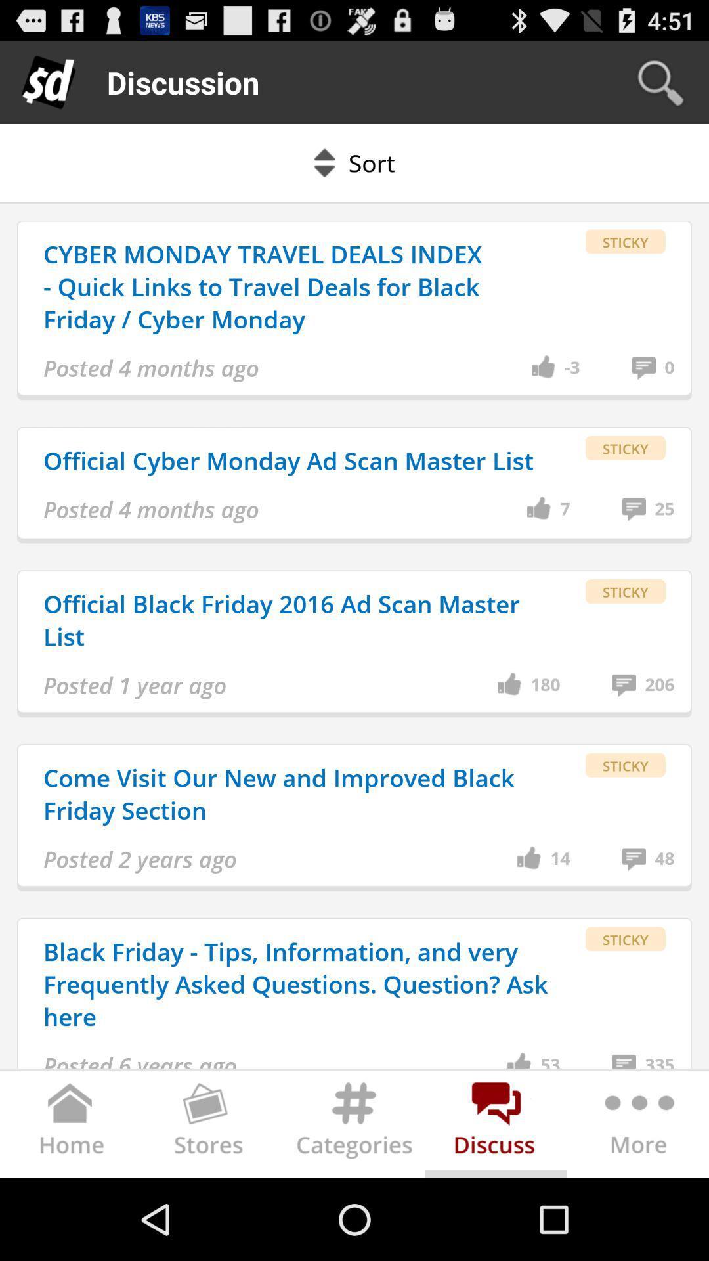  I want to click on more button, so click(637, 1126).